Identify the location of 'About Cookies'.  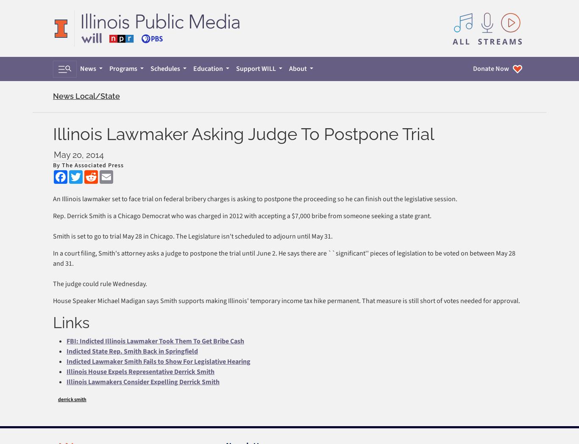
(49, 407).